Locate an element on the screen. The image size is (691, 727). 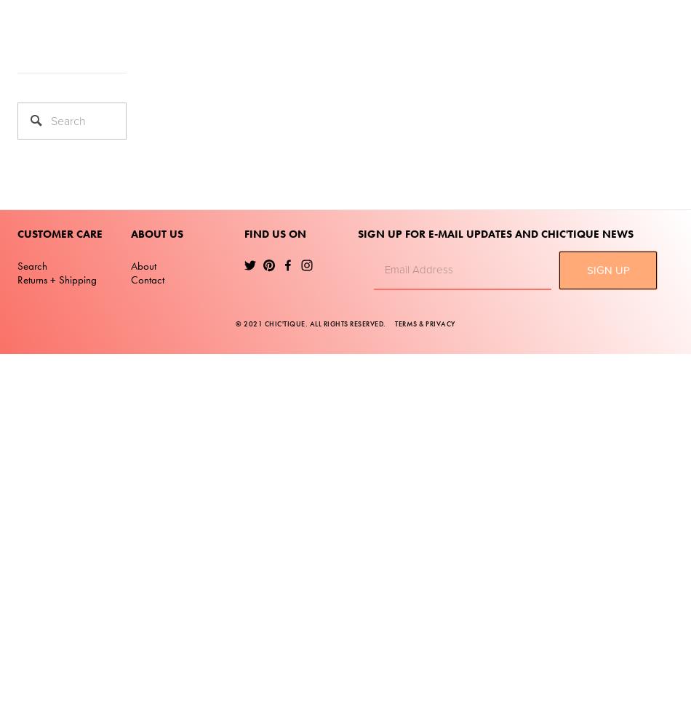
'SIGN UP FOR E-MAIL UPDATES AND CHIC'TIQUE NEWS' is located at coordinates (358, 233).